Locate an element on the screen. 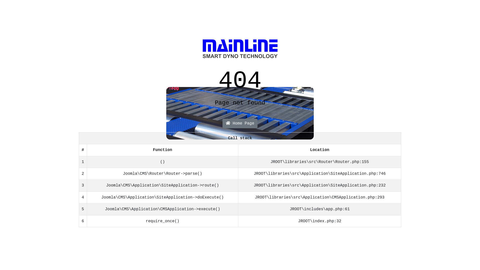 The width and height of the screenshot is (480, 270). 'Home Page' is located at coordinates (240, 123).